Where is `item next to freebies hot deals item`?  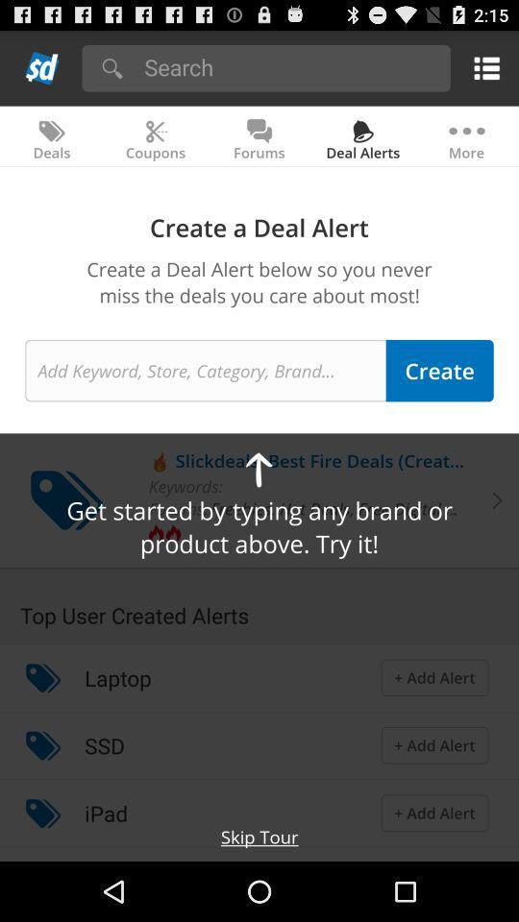
item next to freebies hot deals item is located at coordinates (178, 507).